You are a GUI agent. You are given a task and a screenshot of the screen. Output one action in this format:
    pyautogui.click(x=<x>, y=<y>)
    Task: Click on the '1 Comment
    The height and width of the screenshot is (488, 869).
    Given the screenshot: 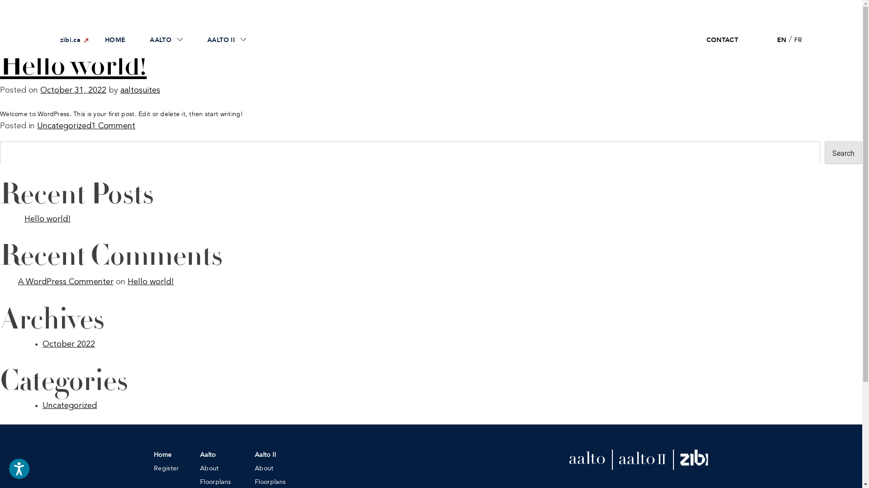 What is the action you would take?
    pyautogui.click(x=113, y=126)
    